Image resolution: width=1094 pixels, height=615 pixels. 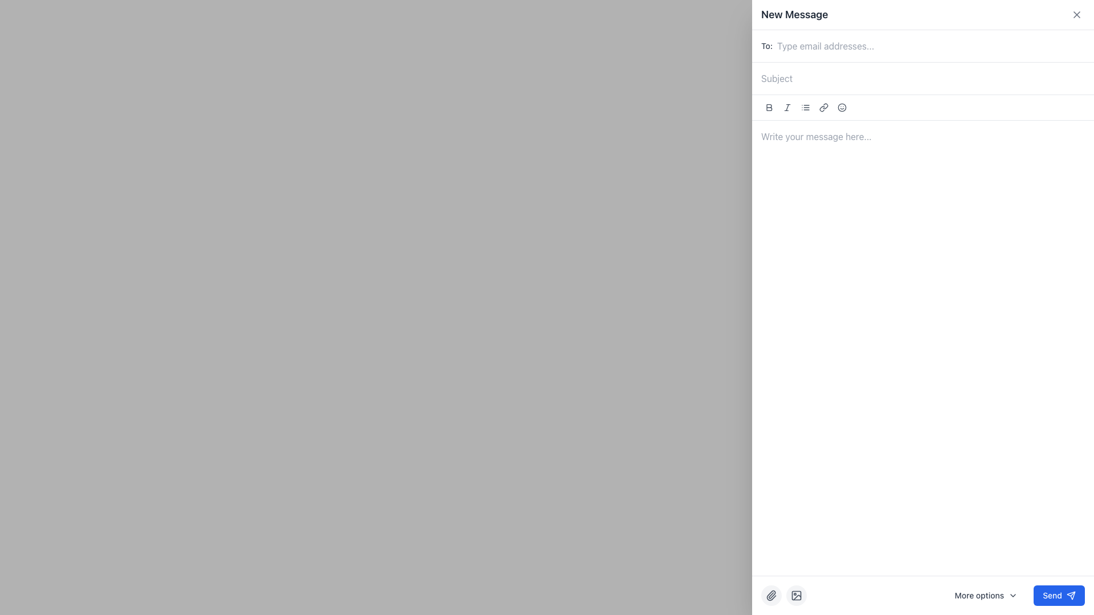 I want to click on the hyperlink insertion button located in the toolbar near the top of the interface, positioned between the italic icon and the emoji selector, so click(x=823, y=108).